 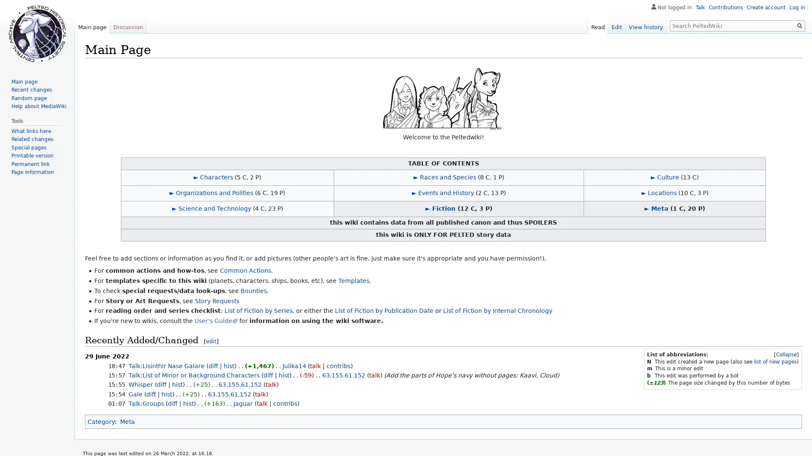 I want to click on Go, so click(x=799, y=25).